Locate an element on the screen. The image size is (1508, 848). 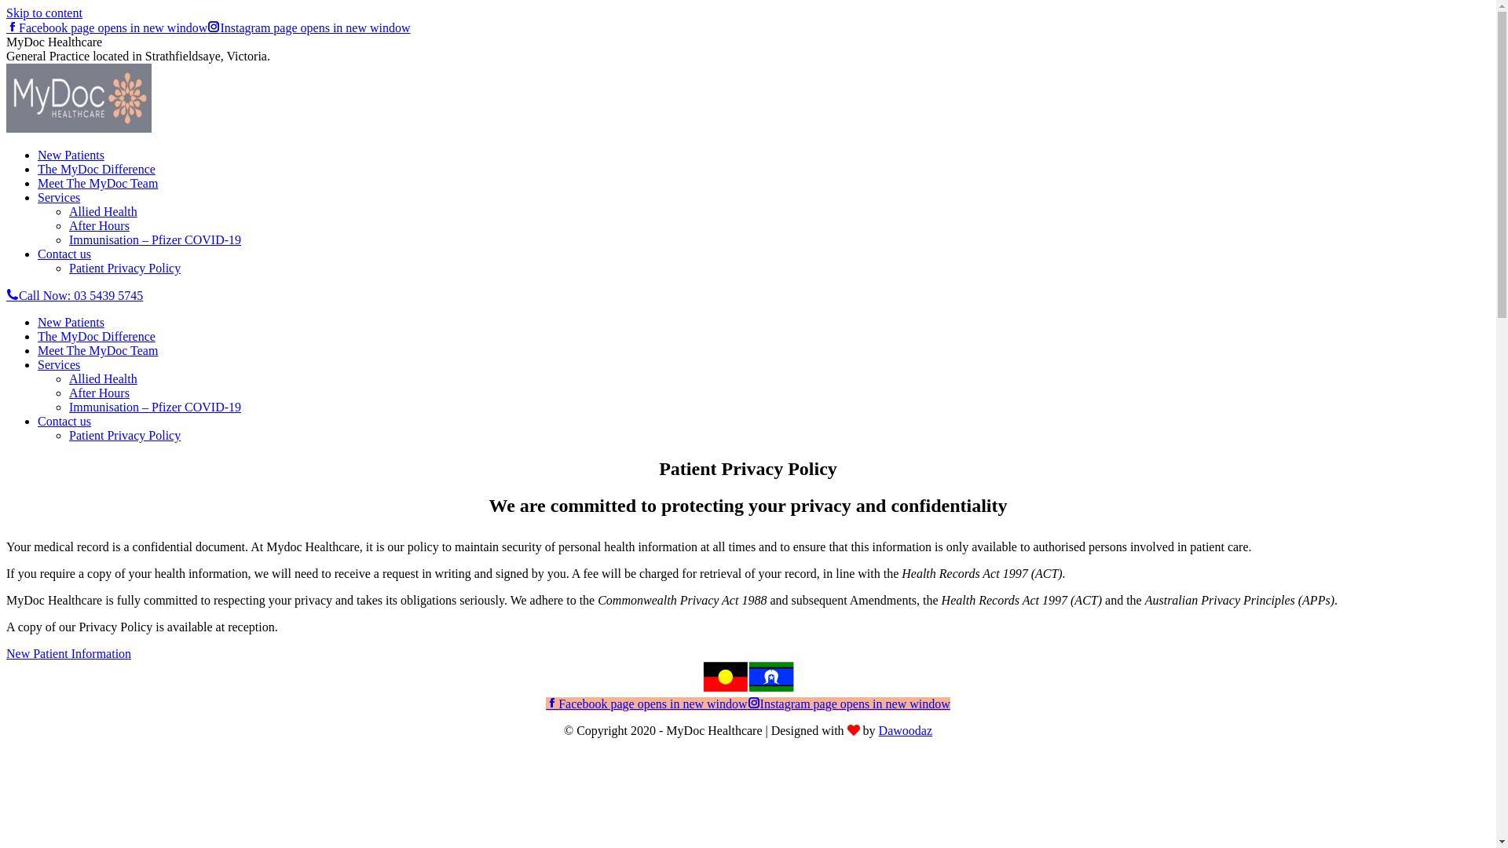
'Patient Privacy Policy' is located at coordinates (123, 267).